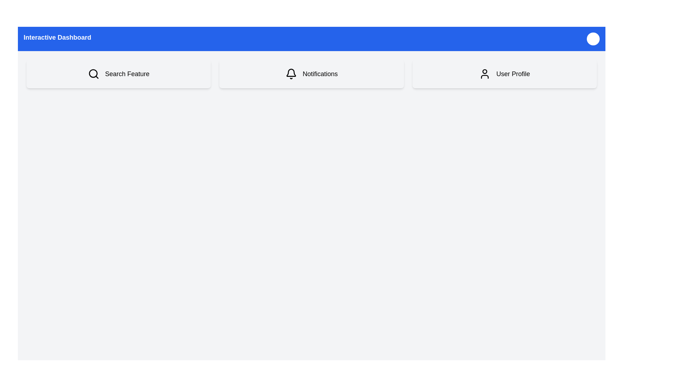  Describe the element at coordinates (320, 74) in the screenshot. I see `the text label that indicates the notifications feature, located to the right of the bell-shaped icon in the top-center section of the page` at that location.